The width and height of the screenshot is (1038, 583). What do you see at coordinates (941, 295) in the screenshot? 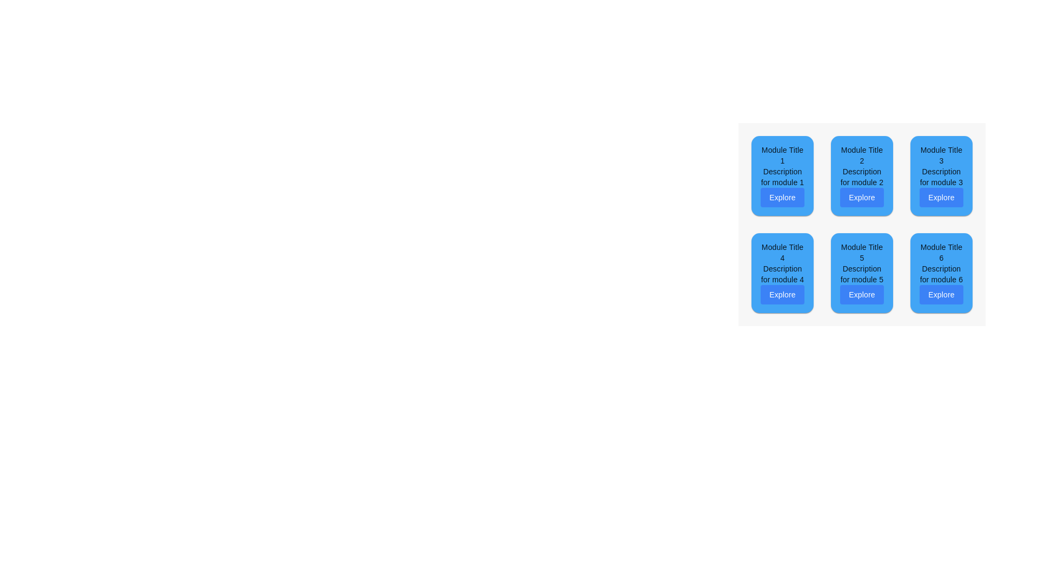
I see `the 'Explore' button, which is a rectangular button with rounded corners located at the bottom of the card titled 'Module Title 6' in the bottom-right position of a grid layout` at bounding box center [941, 295].